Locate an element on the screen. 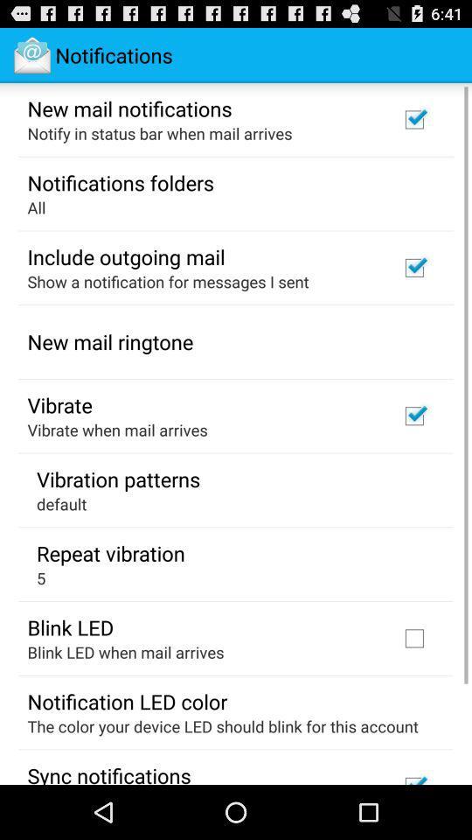  the 5 item is located at coordinates (41, 577).